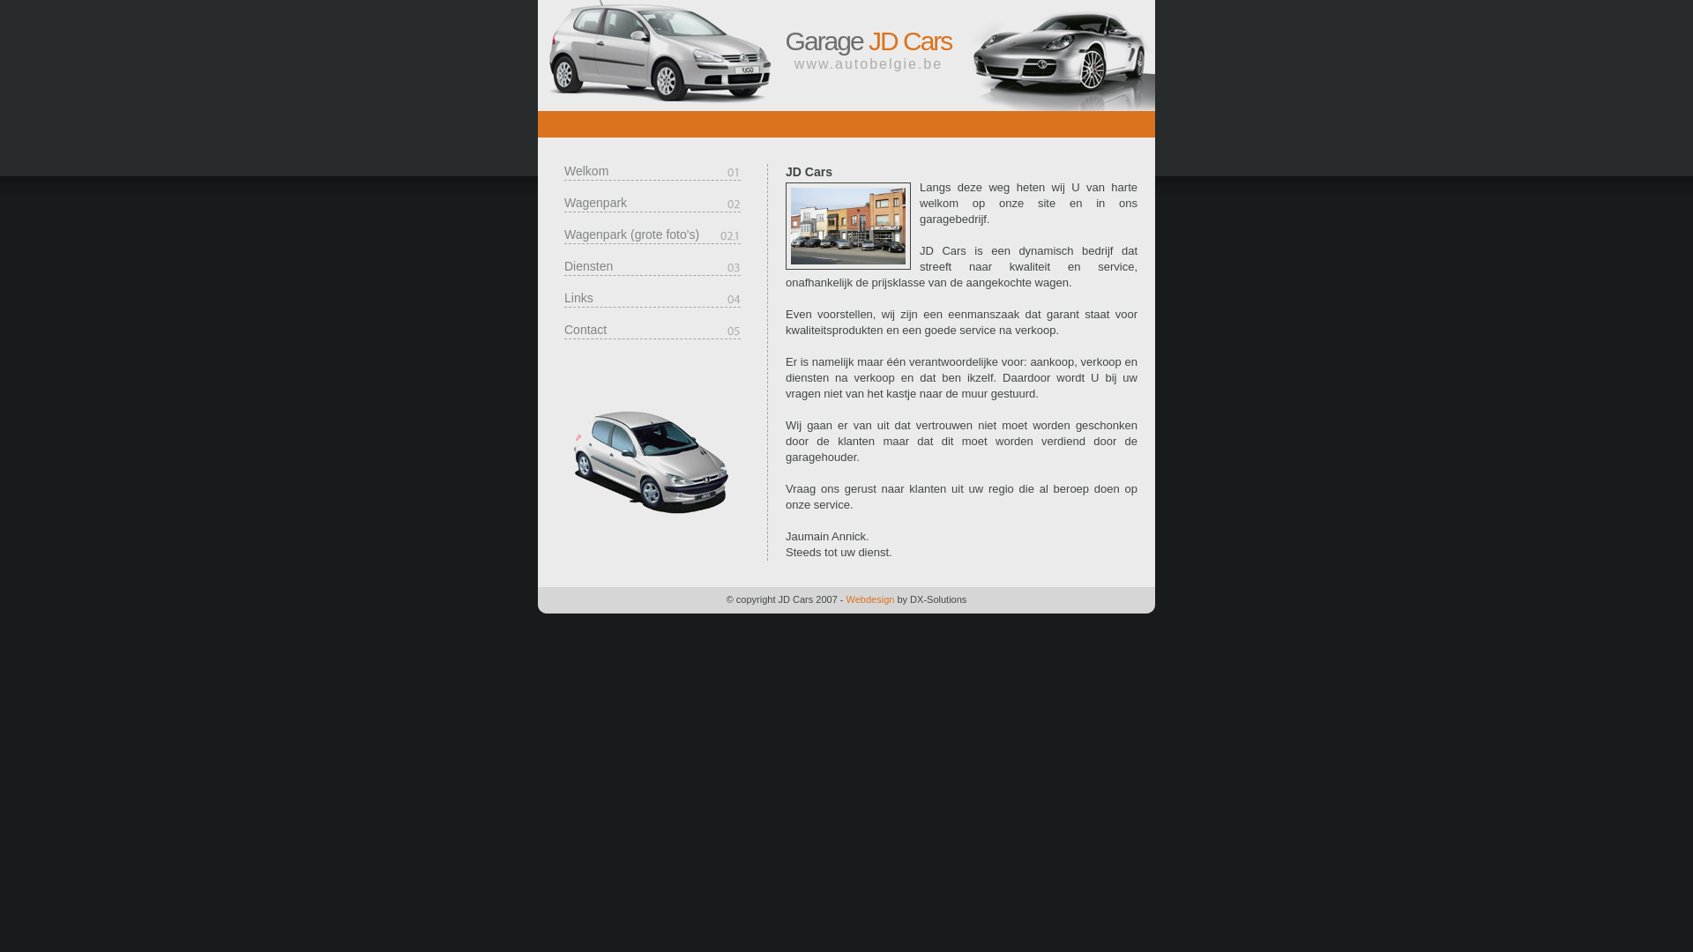 This screenshot has height=952, width=1693. Describe the element at coordinates (651, 202) in the screenshot. I see `'Wagenpark'` at that location.